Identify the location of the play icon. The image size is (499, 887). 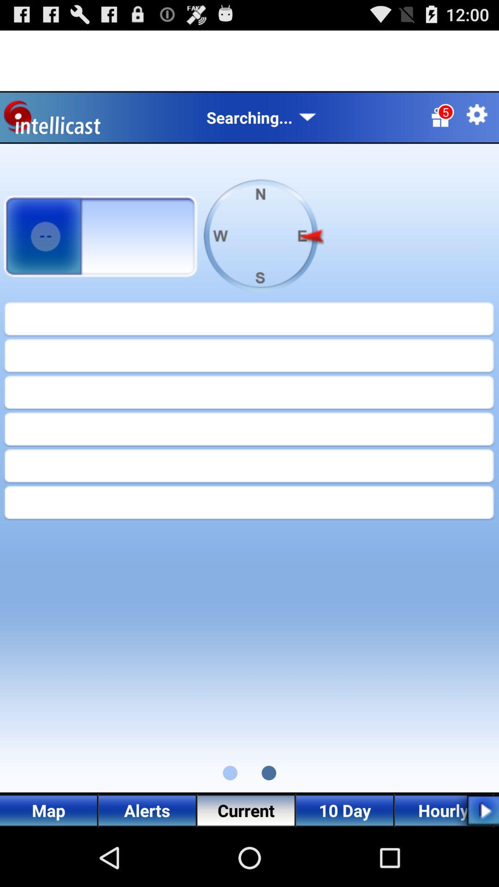
(475, 867).